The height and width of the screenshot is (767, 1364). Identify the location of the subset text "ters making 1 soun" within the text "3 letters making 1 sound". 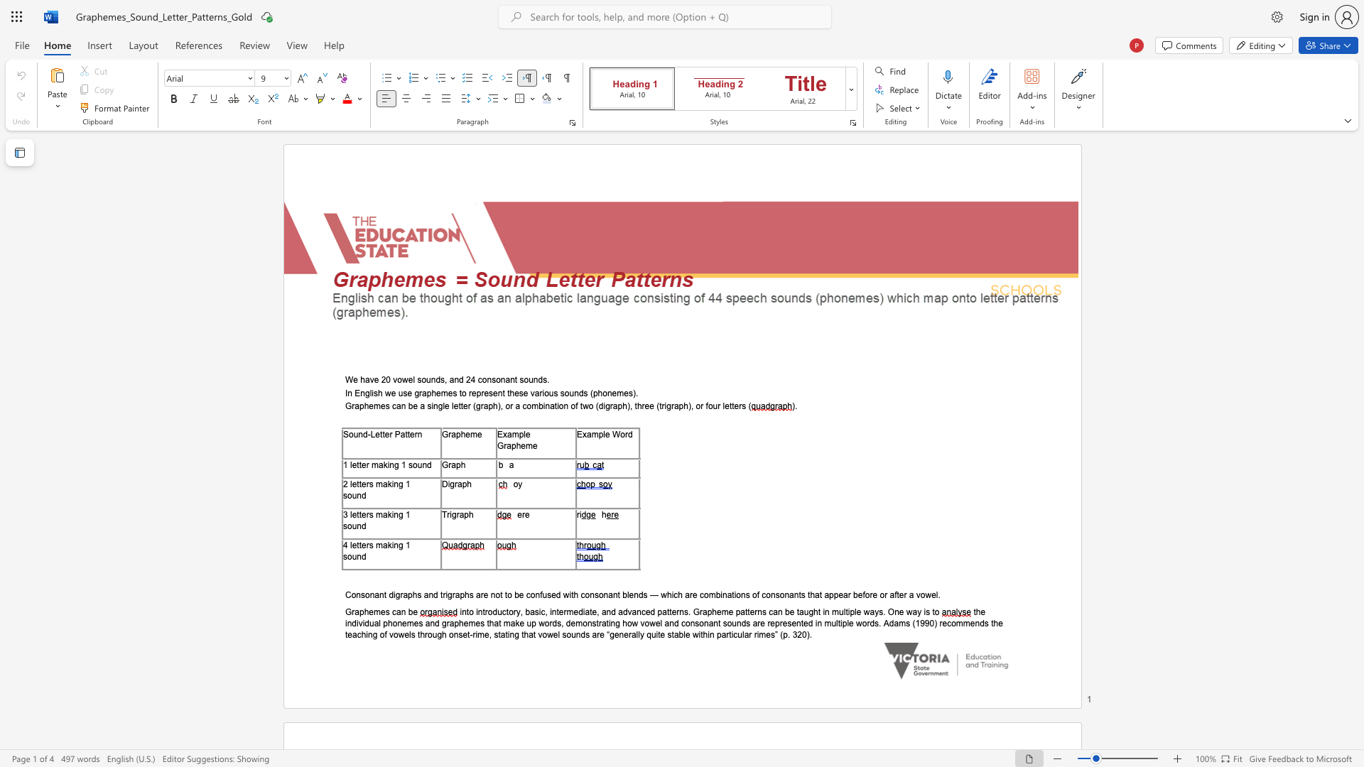
(359, 514).